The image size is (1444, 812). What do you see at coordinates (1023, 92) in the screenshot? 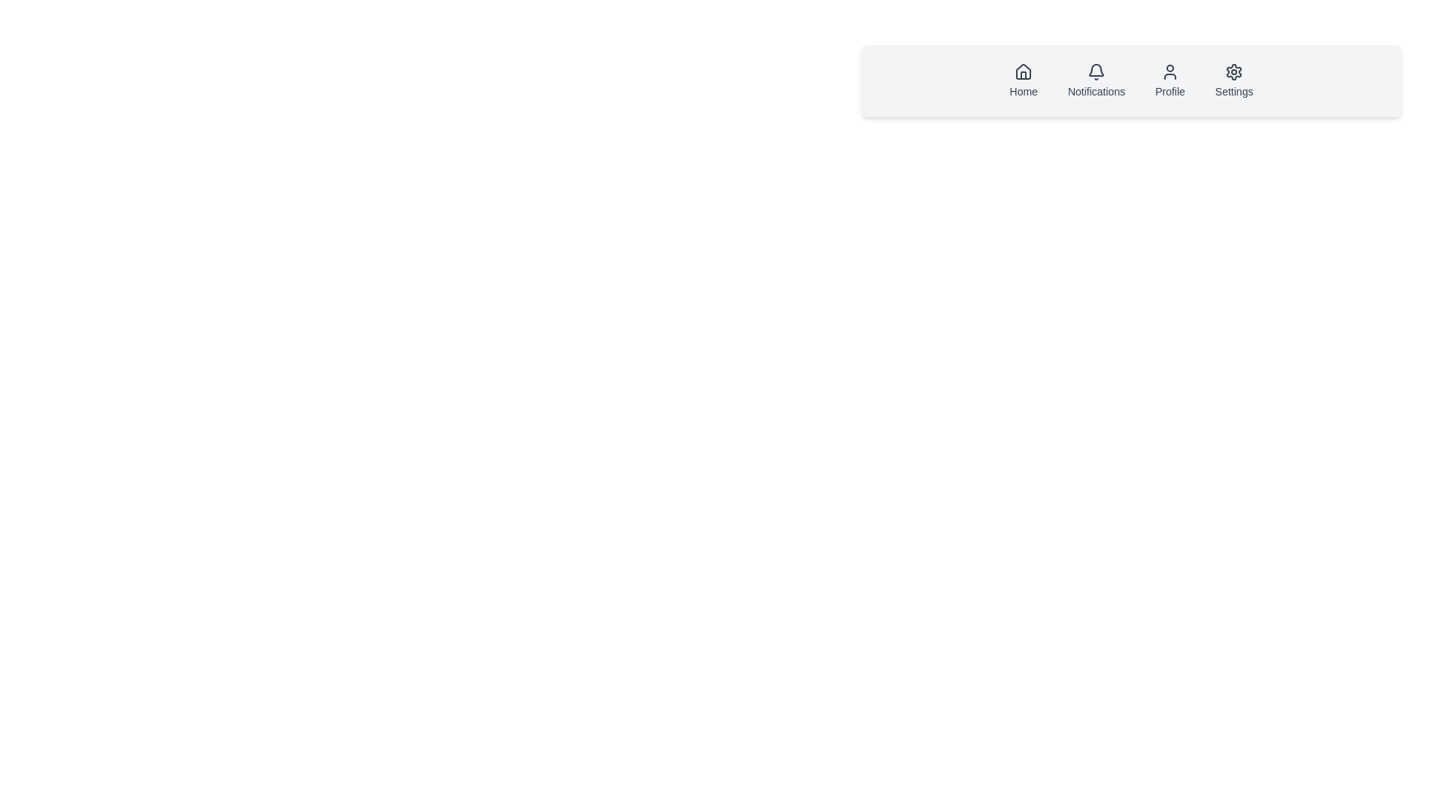
I see `text of the label that describes the navigation icon for 'Home', located at the bottom of the top-right navigation bar` at bounding box center [1023, 92].